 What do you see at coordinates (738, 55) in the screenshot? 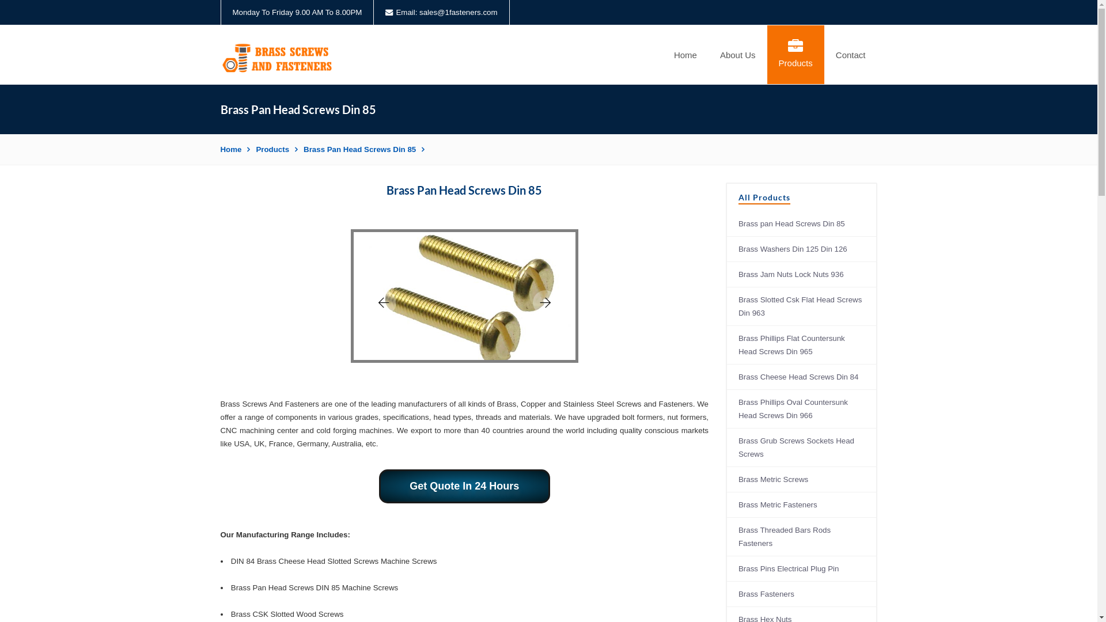
I see `'About Us'` at bounding box center [738, 55].